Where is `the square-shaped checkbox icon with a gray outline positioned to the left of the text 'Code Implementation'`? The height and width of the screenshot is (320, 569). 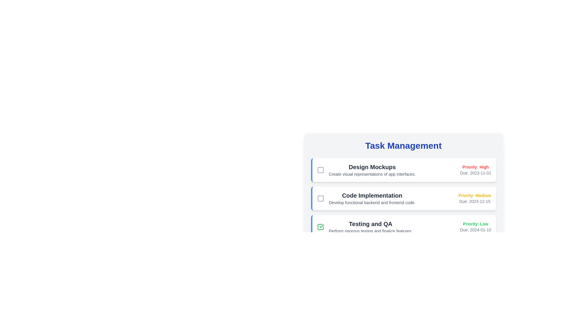
the square-shaped checkbox icon with a gray outline positioned to the left of the text 'Code Implementation' is located at coordinates (320, 199).